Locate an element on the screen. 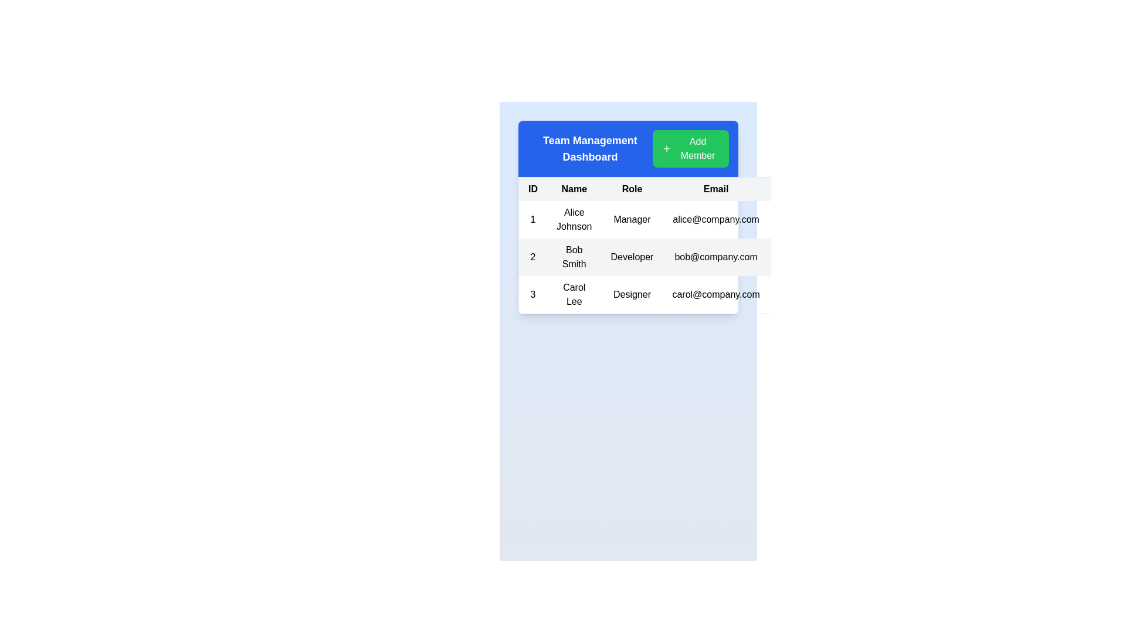 The image size is (1126, 633). the Text Display element that represents the individual's name in the table row associated with entry number 3, located between the cell containing '3' and the cell displaying 'Designer' is located at coordinates (574, 294).